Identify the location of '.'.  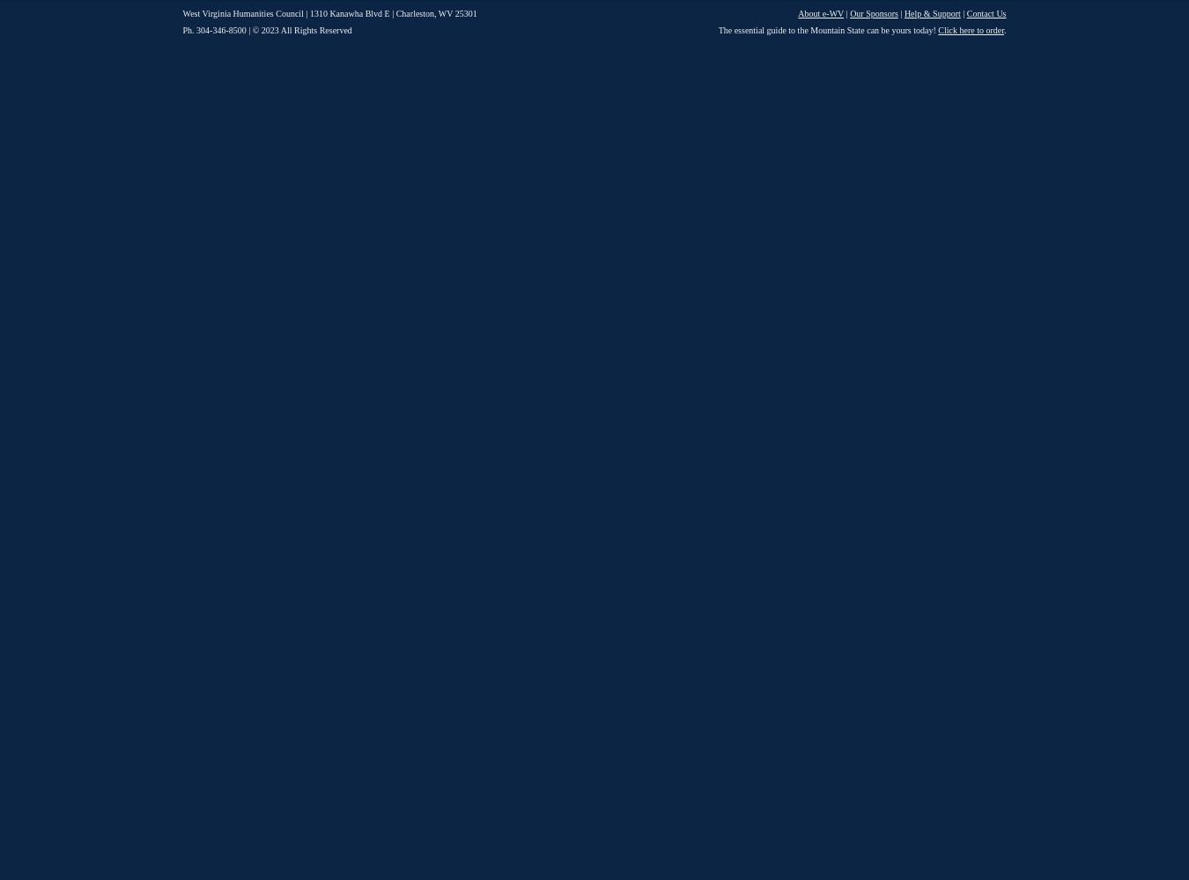
(1004, 30).